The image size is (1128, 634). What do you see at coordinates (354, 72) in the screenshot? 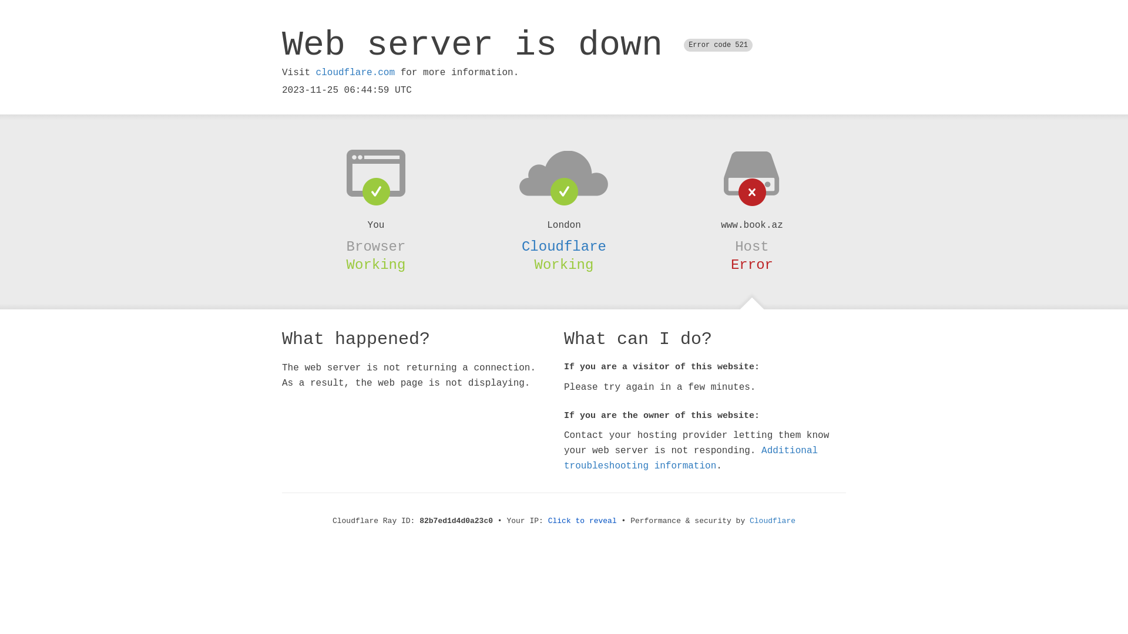
I see `'cloudflare.com'` at bounding box center [354, 72].